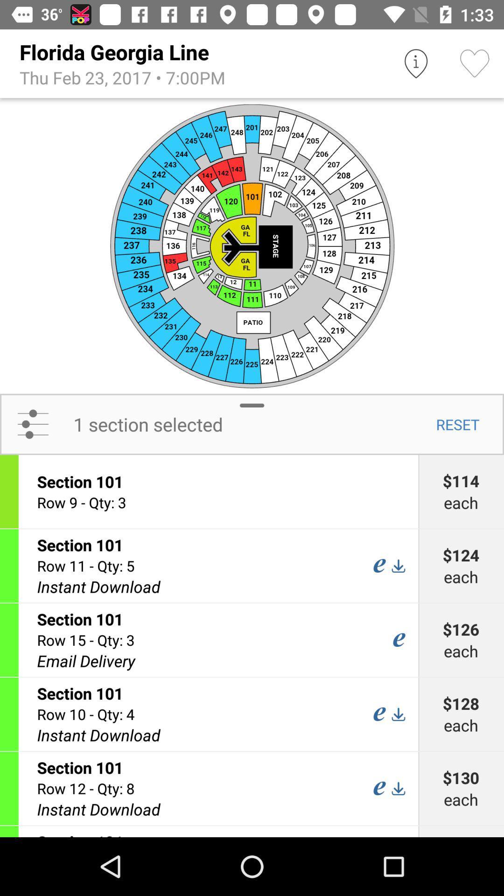 Image resolution: width=504 pixels, height=896 pixels. I want to click on the sliders icon, so click(32, 424).